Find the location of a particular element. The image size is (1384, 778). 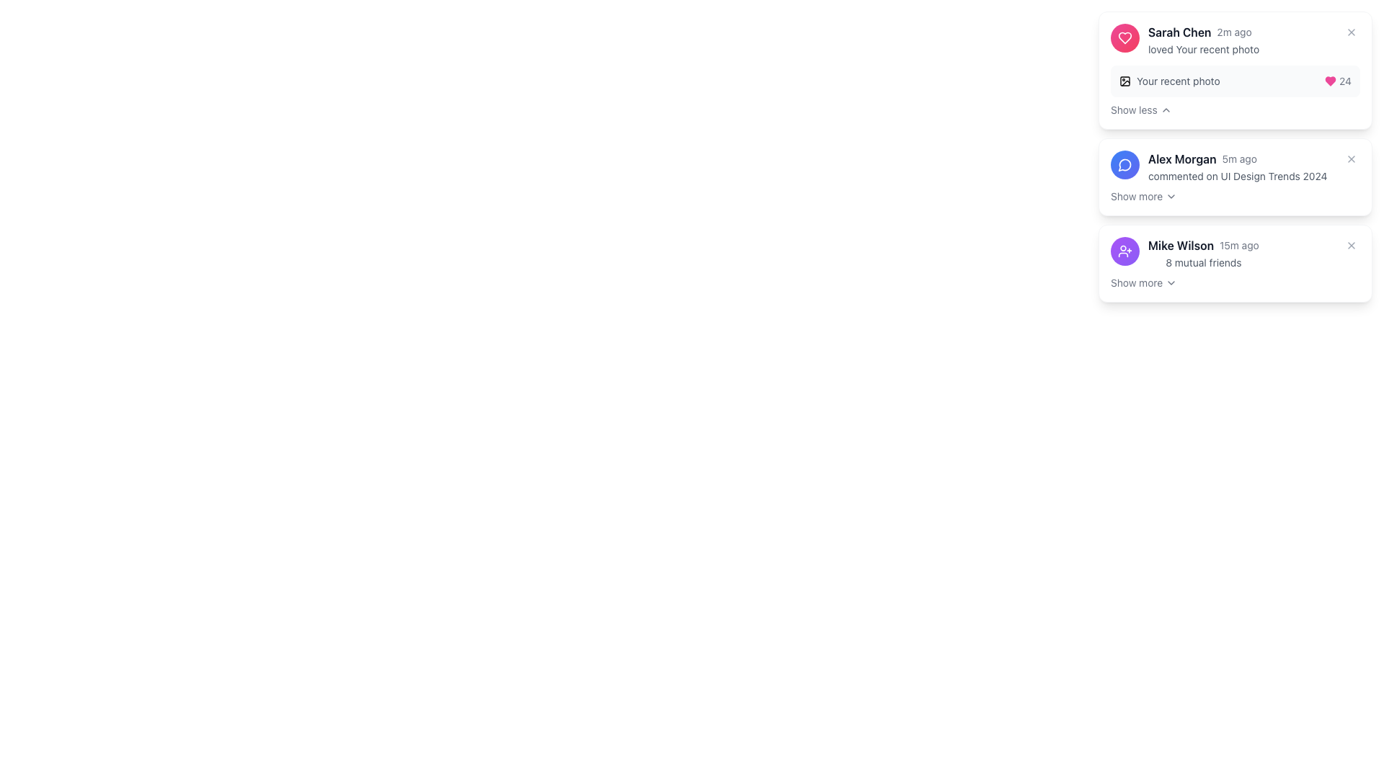

the text label that conveys additional information about the action related to Sarah Chen, which specifies that they loved a recent photo is located at coordinates (1204, 49).